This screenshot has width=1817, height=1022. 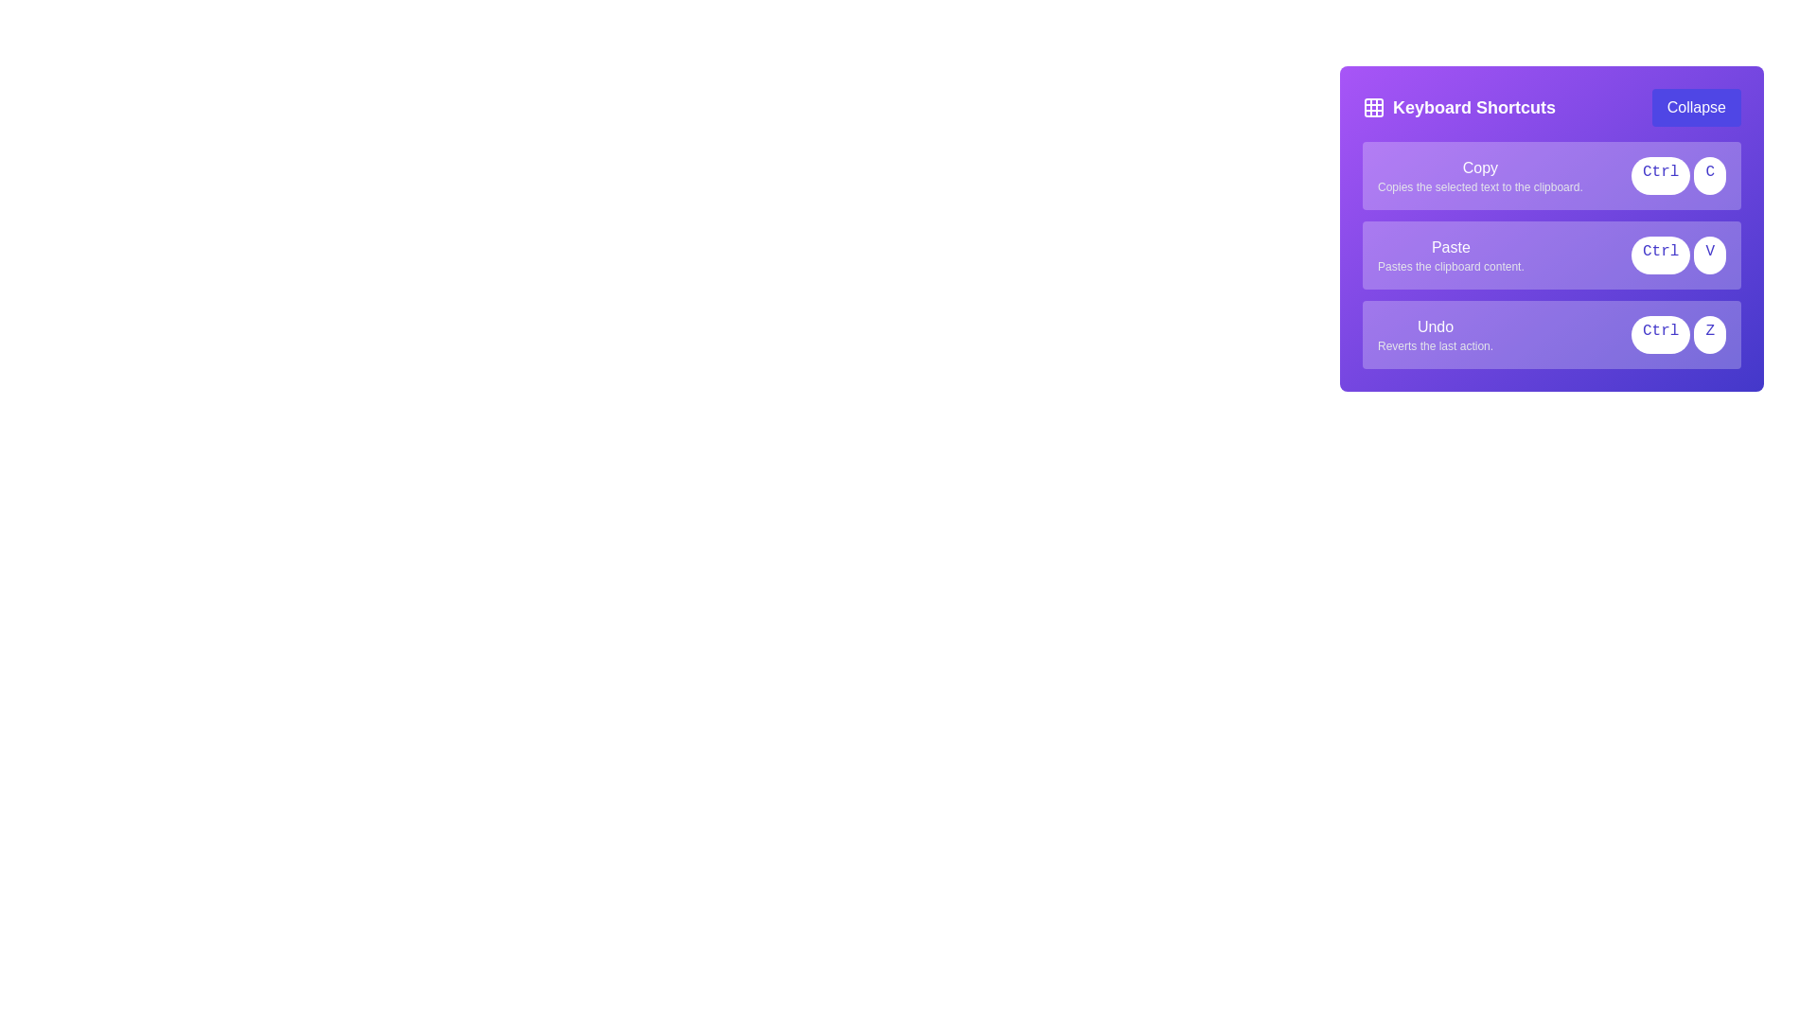 What do you see at coordinates (1457, 108) in the screenshot?
I see `the Text Label that serves as a title or header for the section, positioned at the top left of a purple box, with a 'Collapse' button to its right` at bounding box center [1457, 108].